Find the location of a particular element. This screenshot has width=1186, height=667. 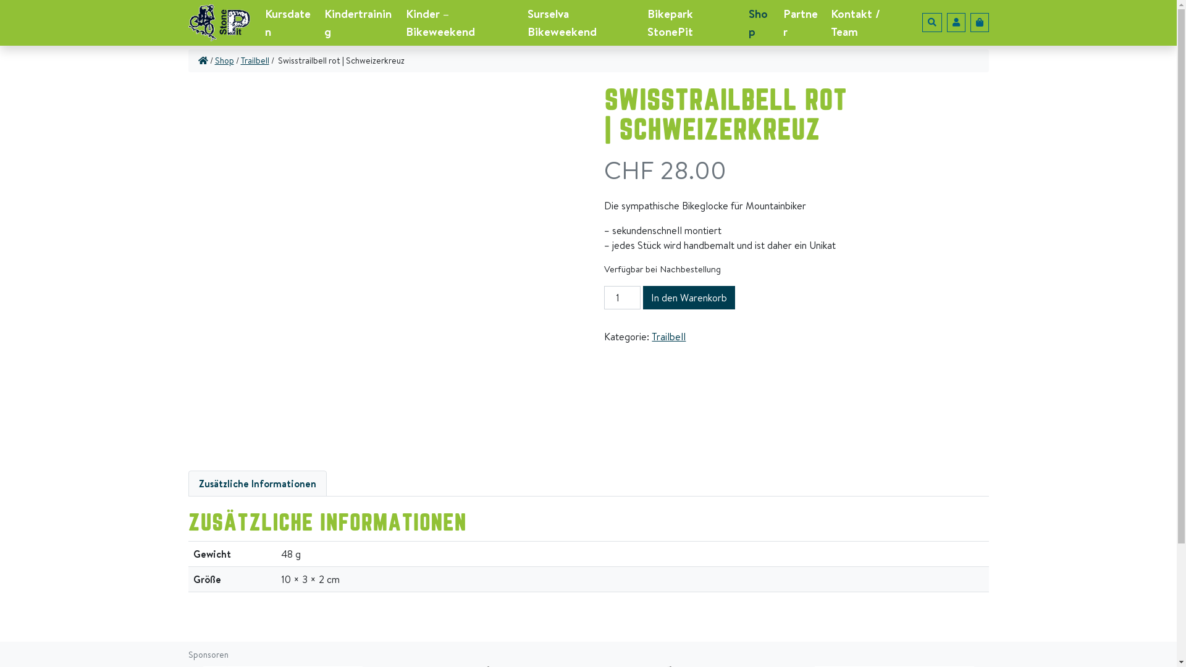

'Account' is located at coordinates (954, 22).